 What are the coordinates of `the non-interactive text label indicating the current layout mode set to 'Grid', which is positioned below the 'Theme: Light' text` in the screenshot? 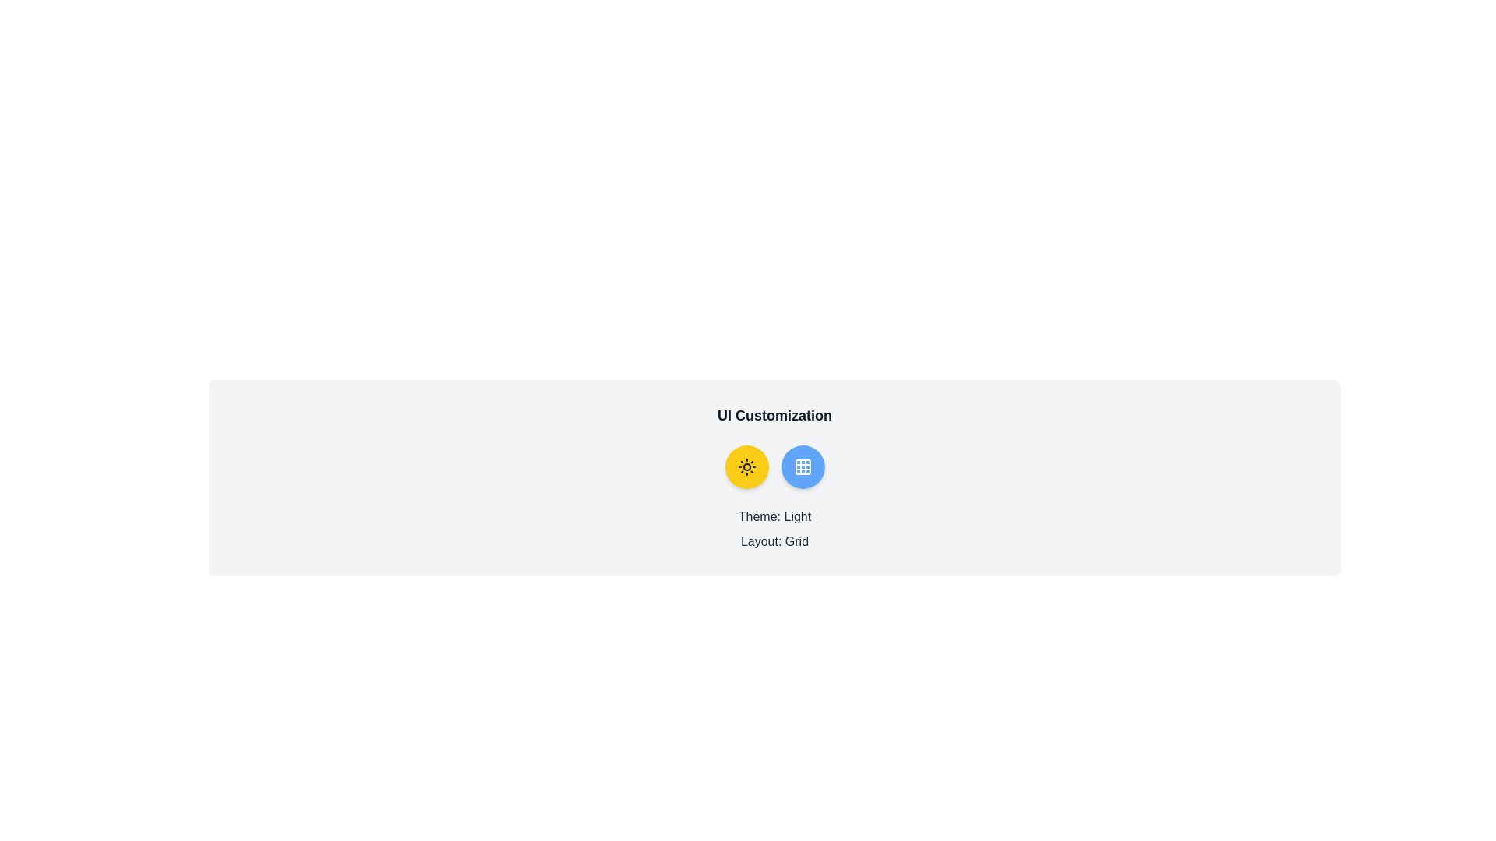 It's located at (774, 540).